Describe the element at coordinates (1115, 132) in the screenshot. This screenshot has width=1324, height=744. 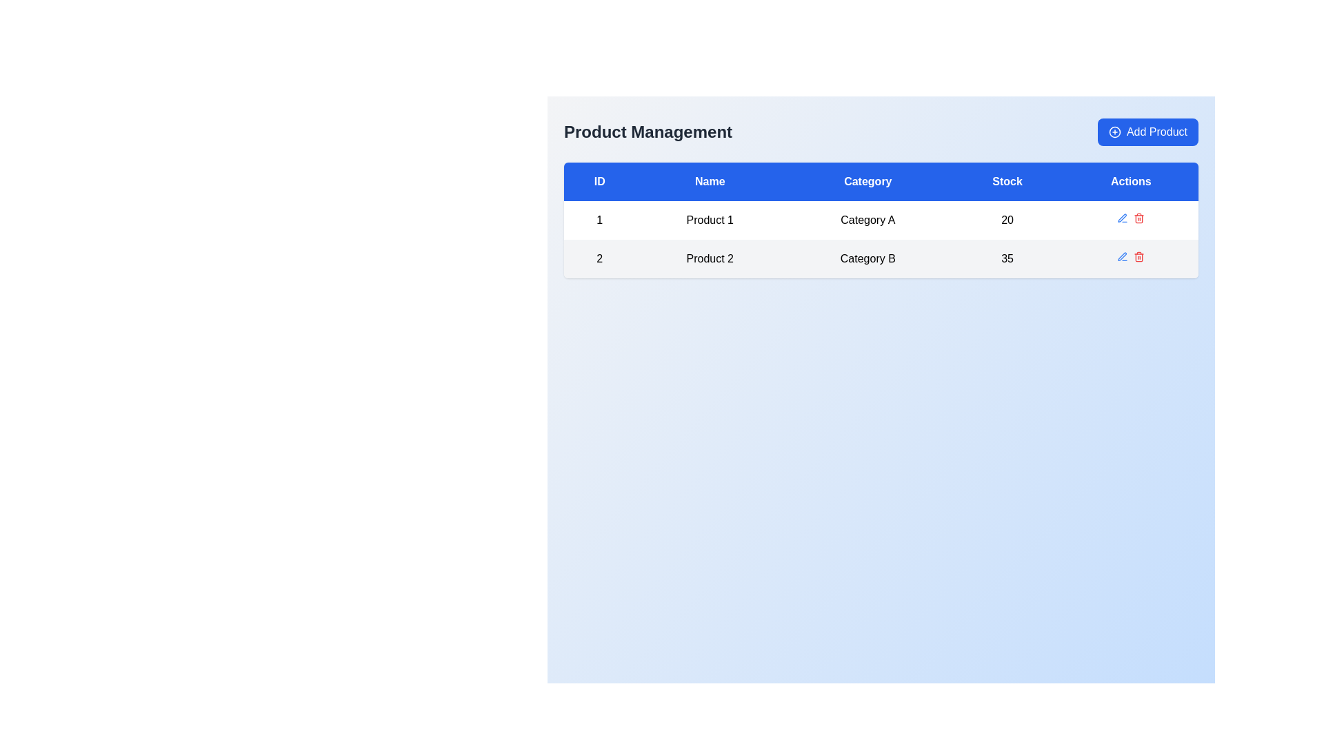
I see `the 'Add' Icon located in the top-right corner of the interface` at that location.